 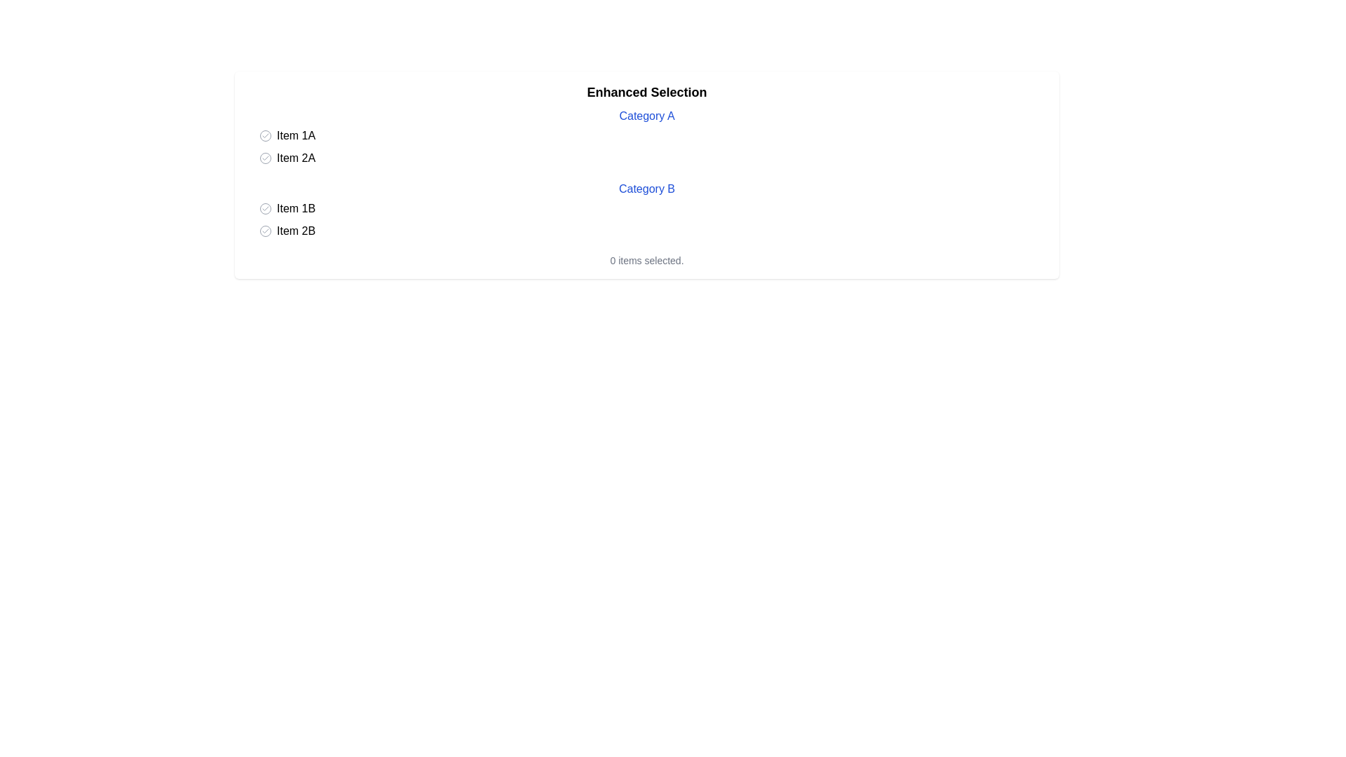 What do you see at coordinates (646, 92) in the screenshot?
I see `the text label 'Enhanced Selection' displayed in bold and large font at the top center of the card layout` at bounding box center [646, 92].